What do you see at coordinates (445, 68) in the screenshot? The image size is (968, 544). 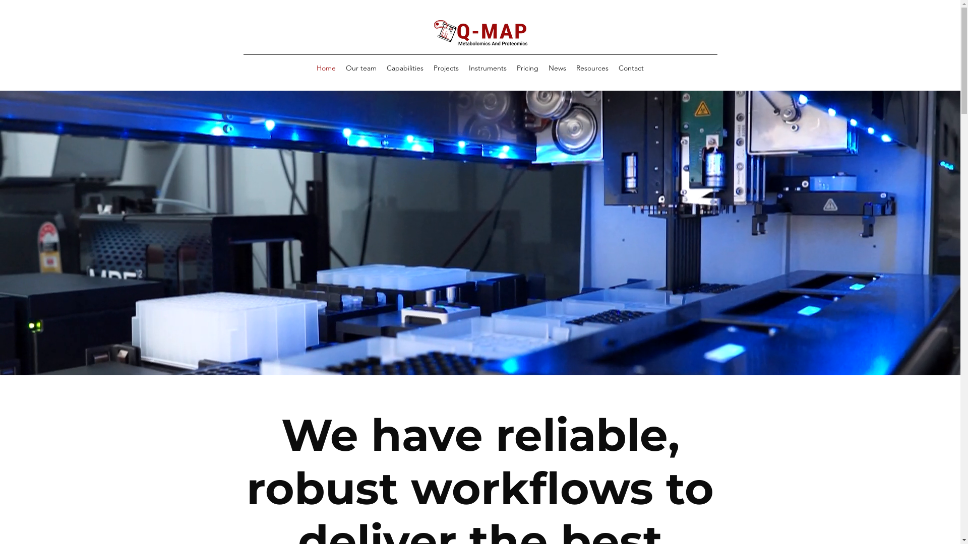 I see `'Projects'` at bounding box center [445, 68].